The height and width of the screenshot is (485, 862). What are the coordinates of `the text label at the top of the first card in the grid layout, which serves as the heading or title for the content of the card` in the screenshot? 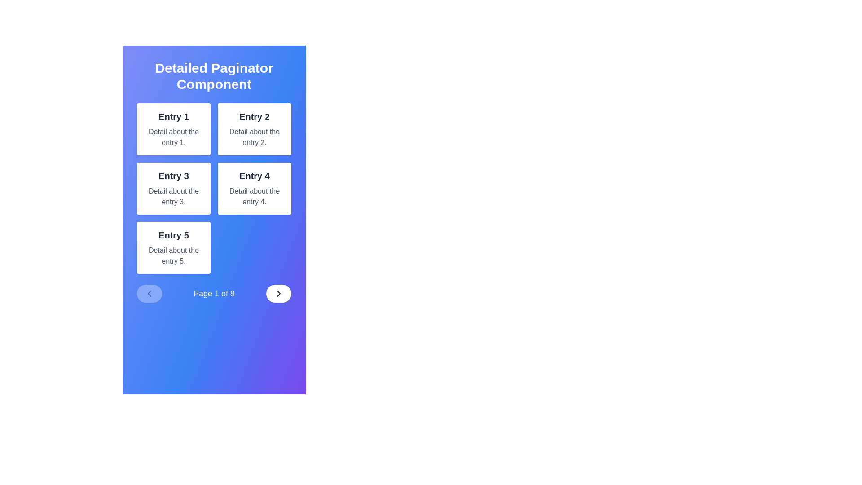 It's located at (174, 116).